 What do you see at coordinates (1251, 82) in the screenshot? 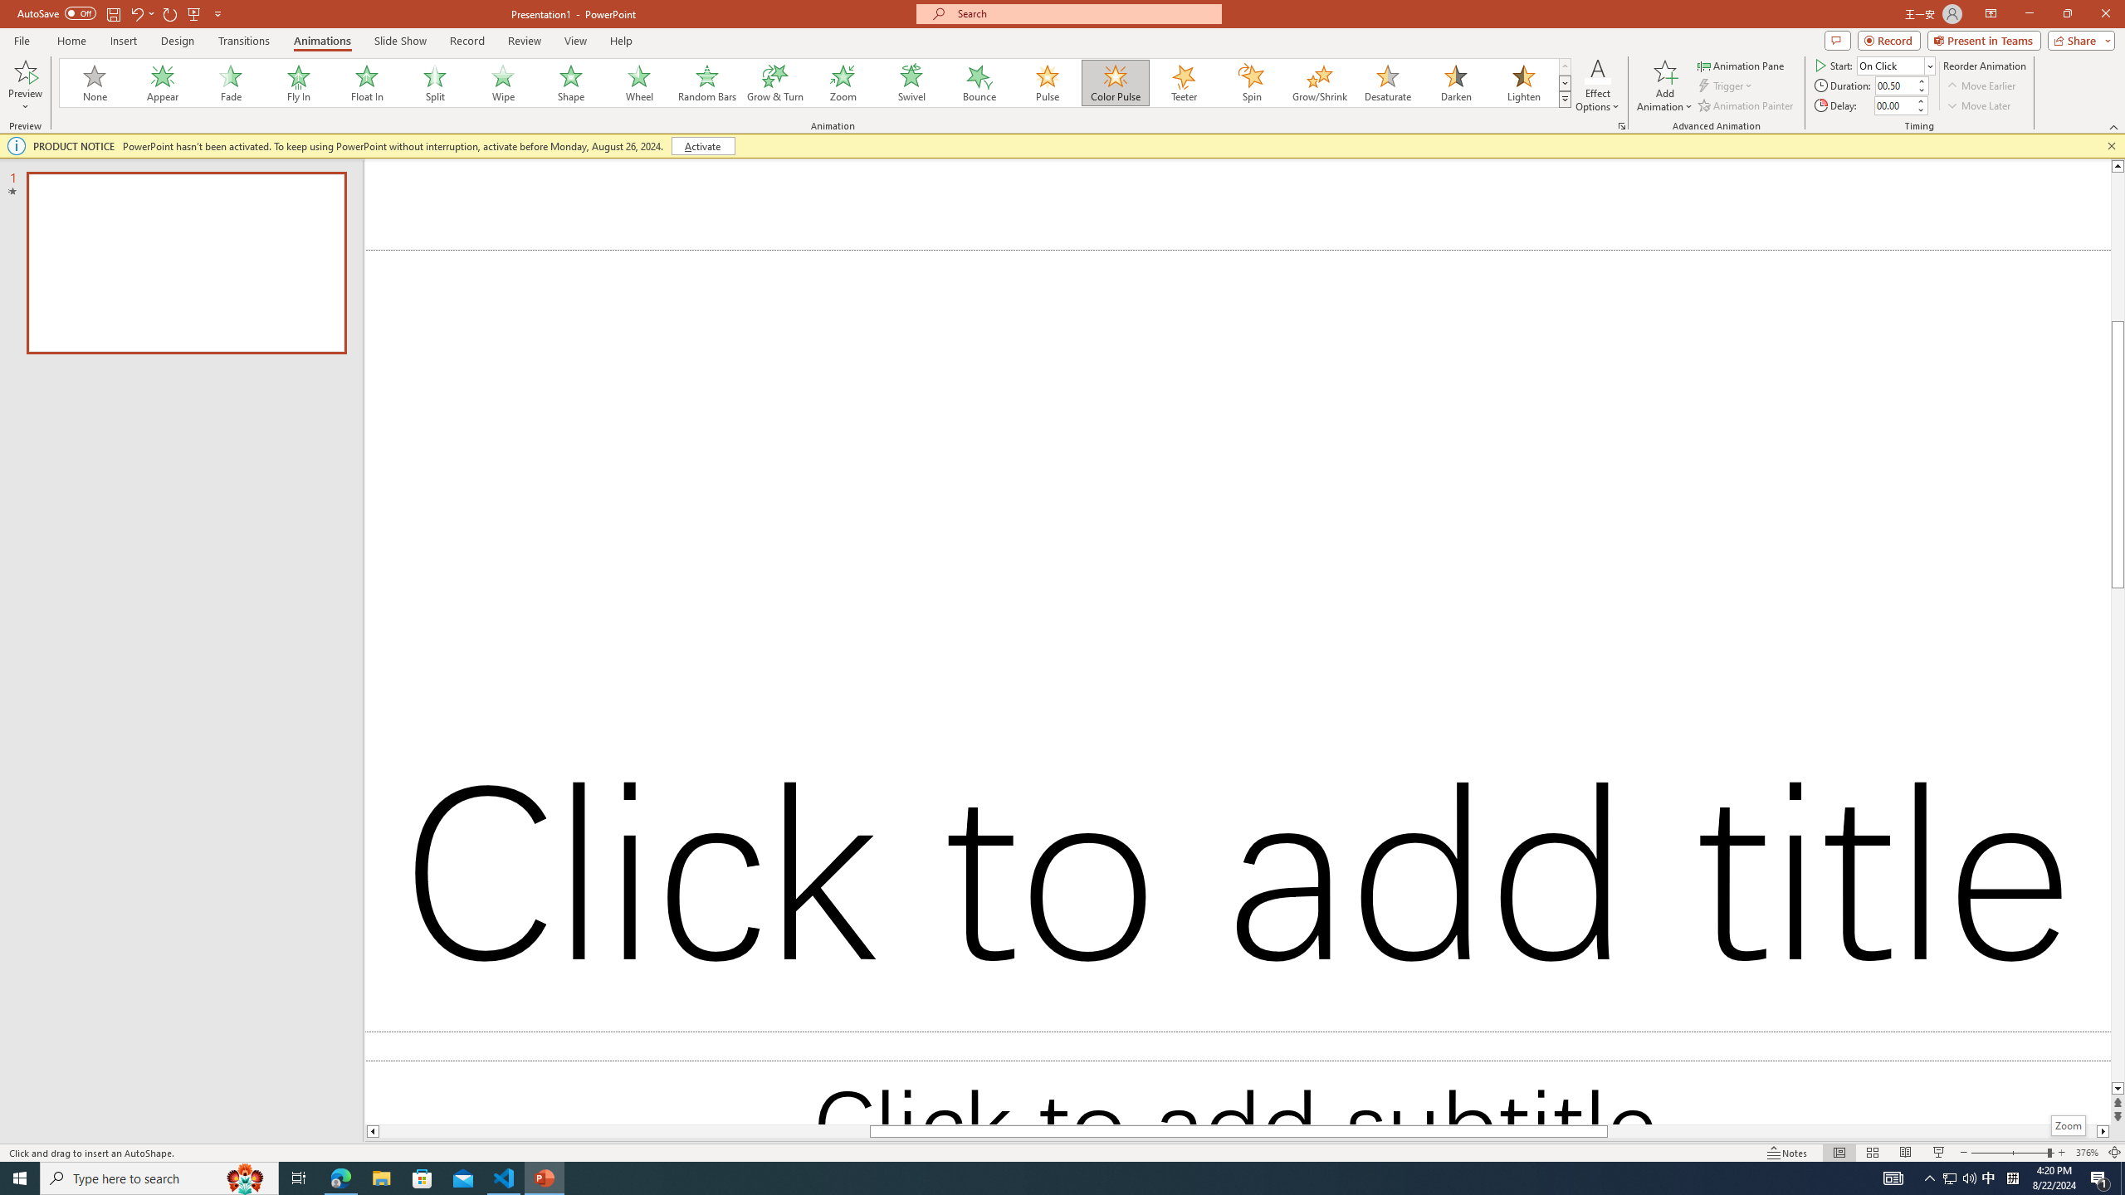
I see `'Spin'` at bounding box center [1251, 82].